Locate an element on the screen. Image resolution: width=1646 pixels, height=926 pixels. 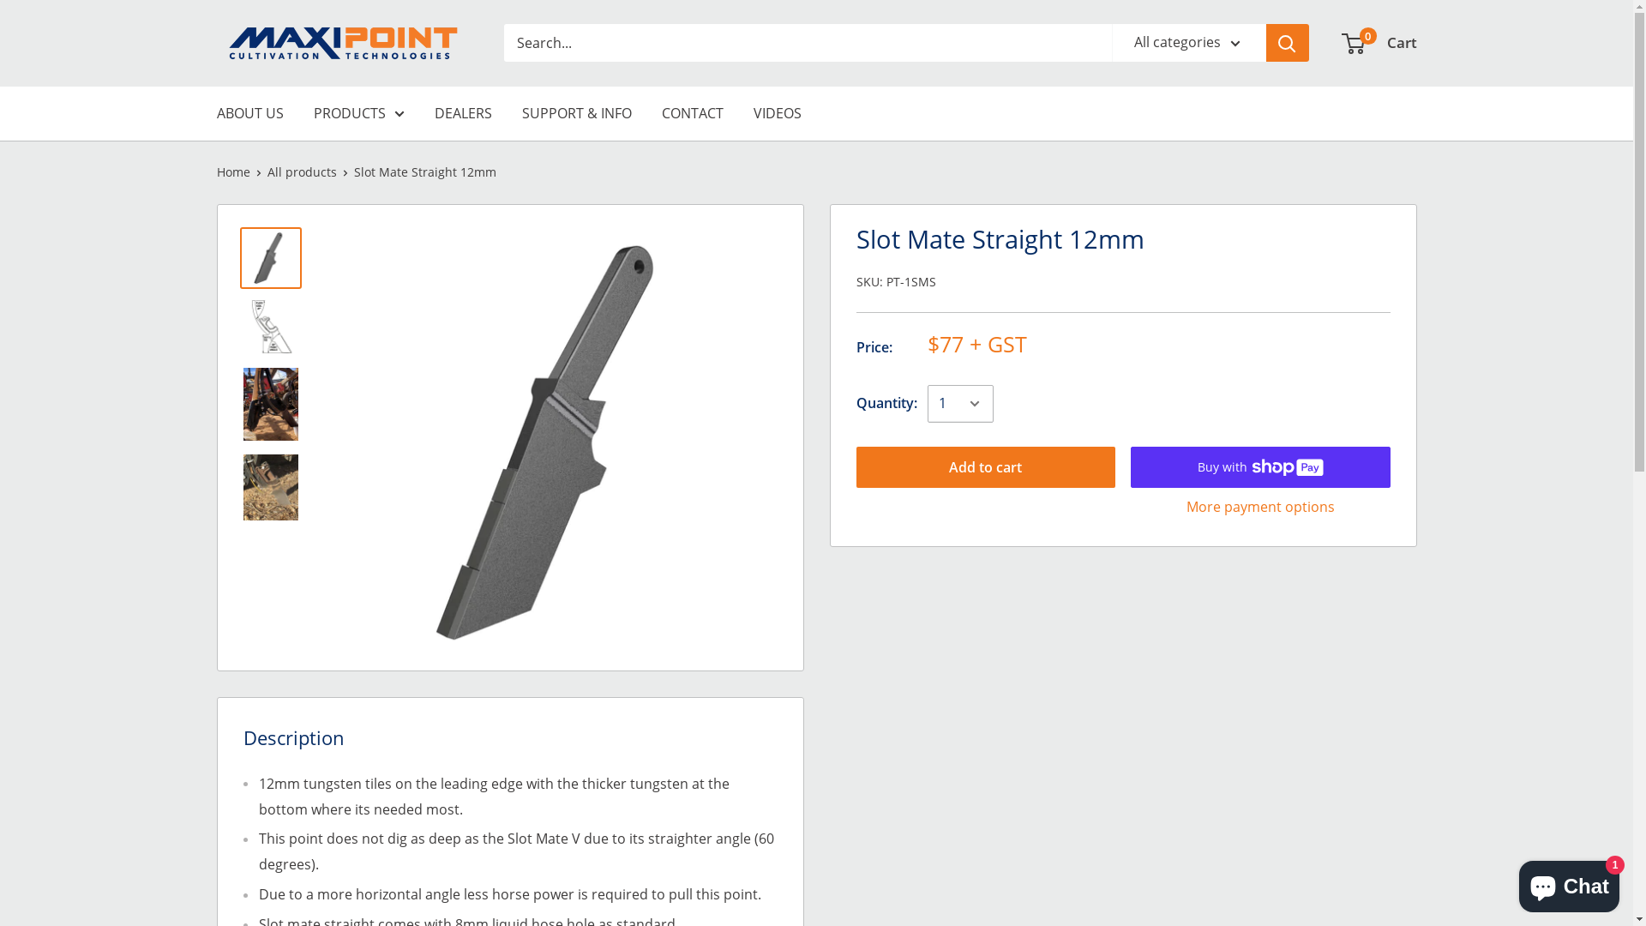
'VIDEOS' is located at coordinates (776, 113).